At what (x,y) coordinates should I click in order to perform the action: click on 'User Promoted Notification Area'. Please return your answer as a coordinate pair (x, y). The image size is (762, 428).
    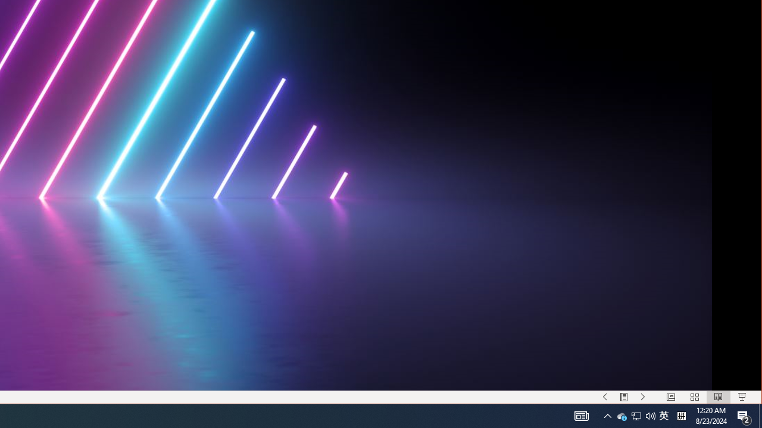
    Looking at the image, I should click on (635, 415).